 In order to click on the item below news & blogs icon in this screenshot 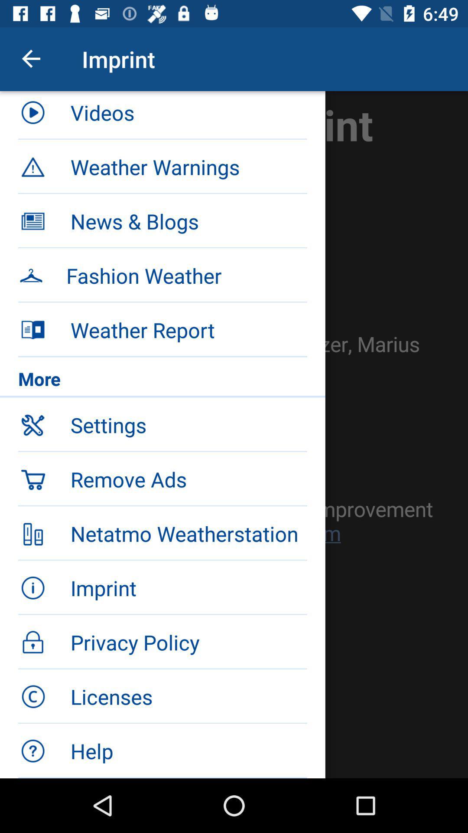, I will do `click(162, 274)`.